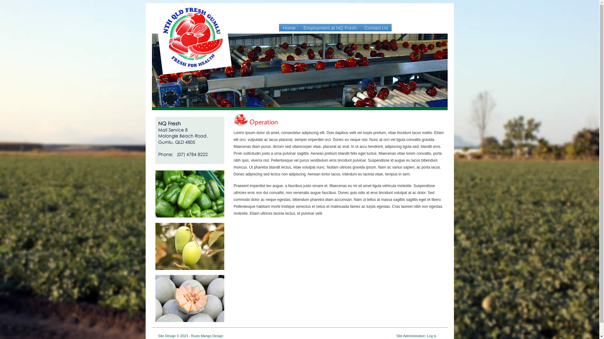  What do you see at coordinates (289, 27) in the screenshot?
I see `'Home'` at bounding box center [289, 27].